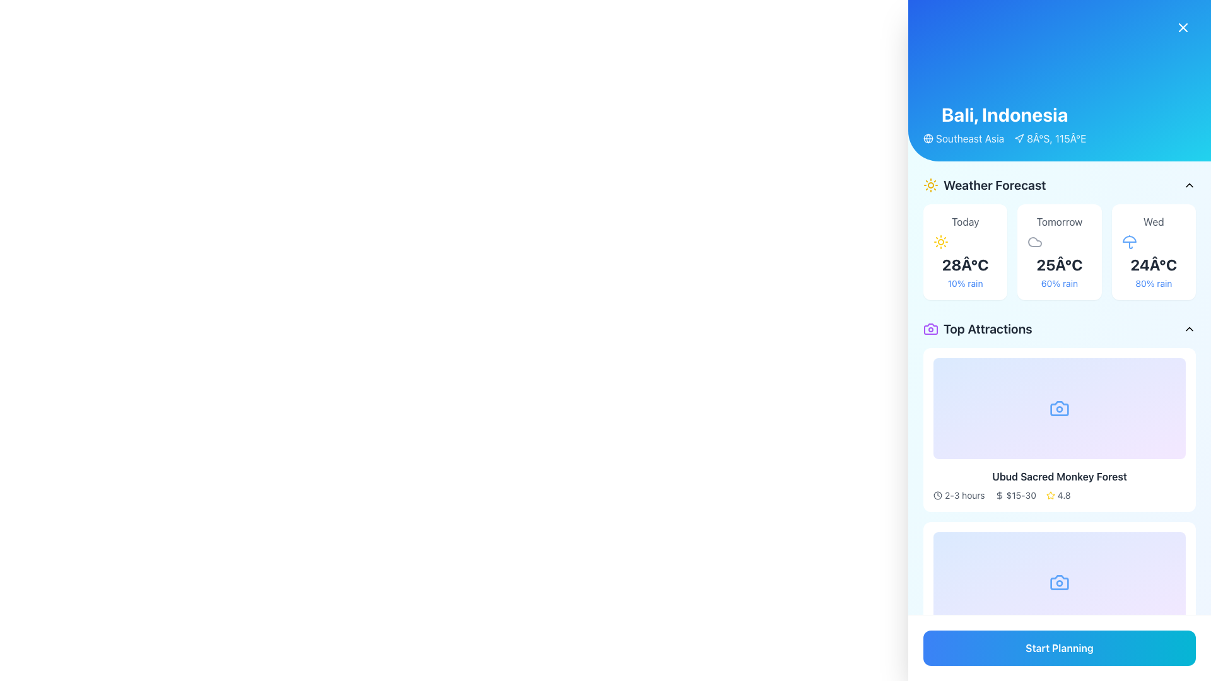 The height and width of the screenshot is (681, 1211). Describe the element at coordinates (963, 138) in the screenshot. I see `the 'Southeast Asia' text label with globe icon located in the right side panel of the 'Bali, Indonesia' section` at that location.